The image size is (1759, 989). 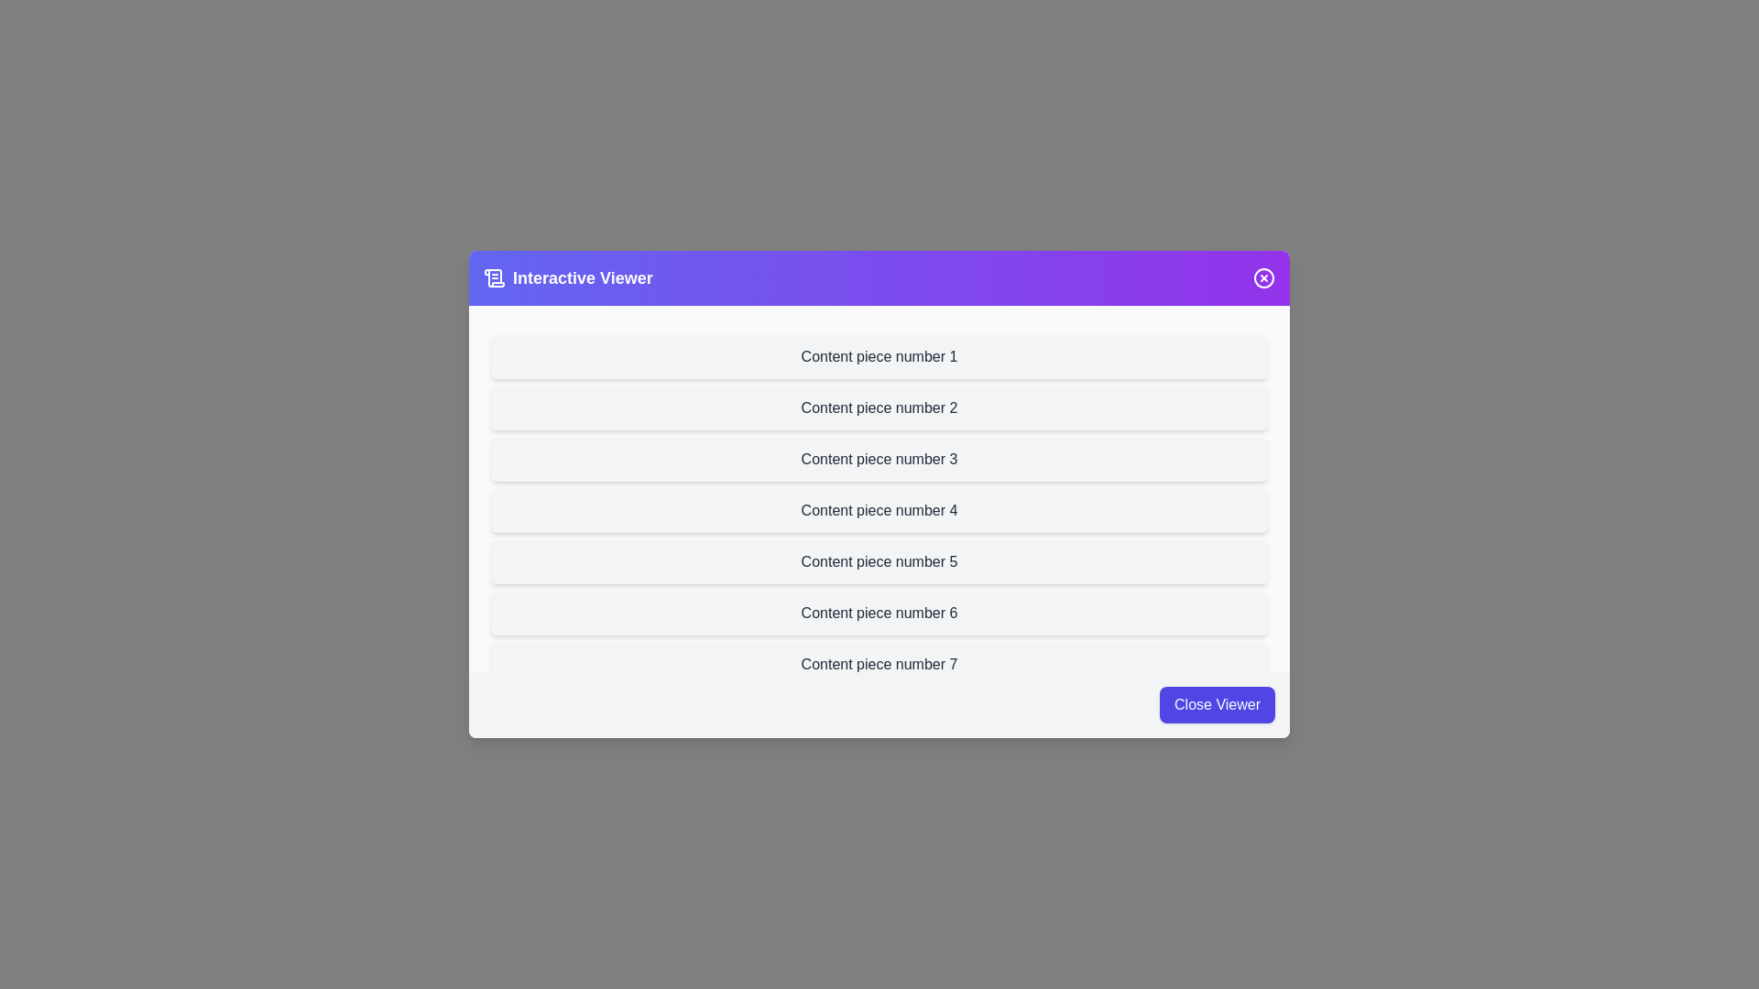 What do you see at coordinates (879, 458) in the screenshot?
I see `the content item labeled 'Content piece number 3' to observe its hover effect` at bounding box center [879, 458].